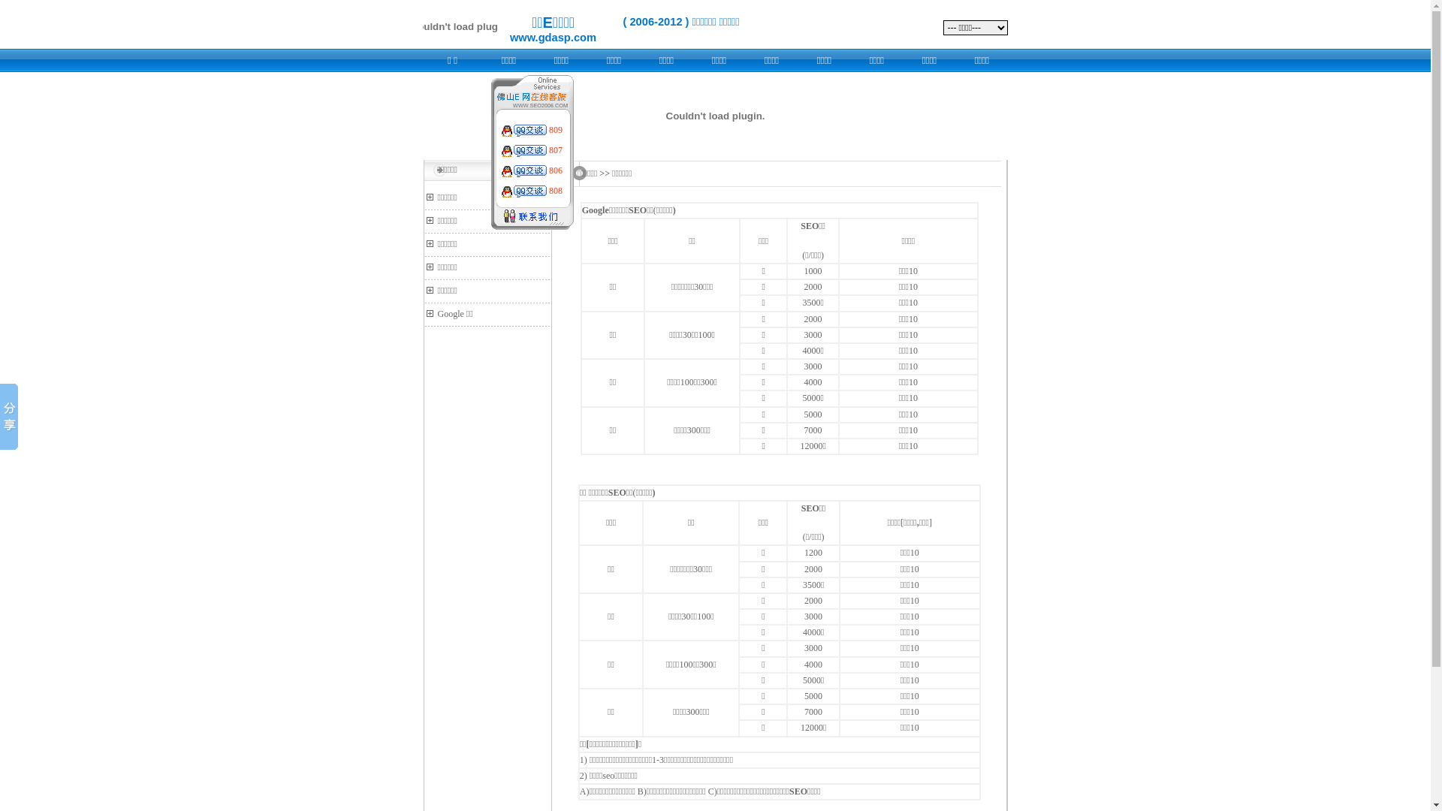 This screenshot has height=811, width=1442. I want to click on 'www.gdasp.com', so click(552, 37).